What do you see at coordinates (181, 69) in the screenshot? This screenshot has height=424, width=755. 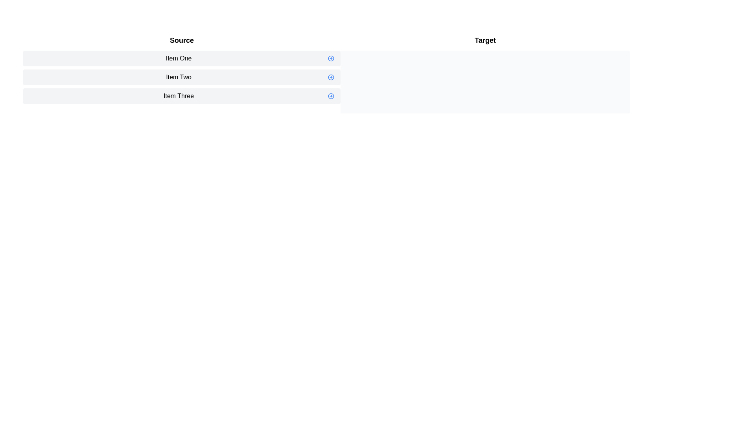 I see `'Item Two', the middle item in the horizontally aligned list within the 'Source' section` at bounding box center [181, 69].